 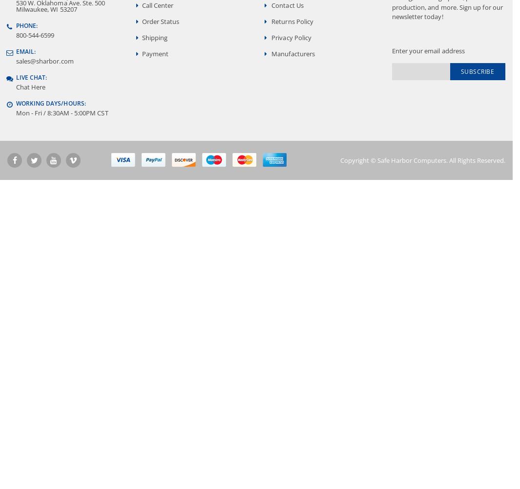 I want to click on 'Contact Us', so click(x=287, y=5).